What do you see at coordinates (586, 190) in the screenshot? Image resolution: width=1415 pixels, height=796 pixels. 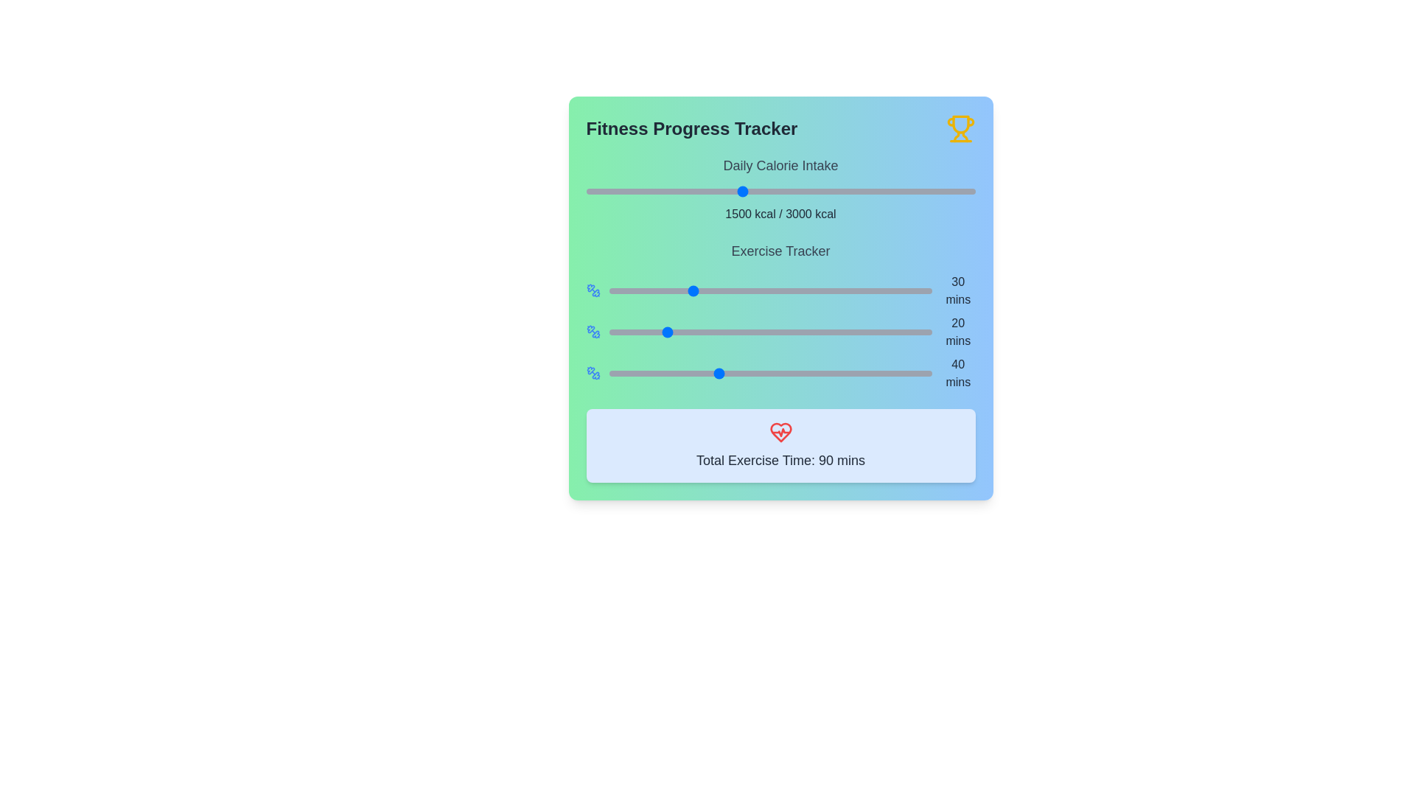 I see `calorie intake` at bounding box center [586, 190].